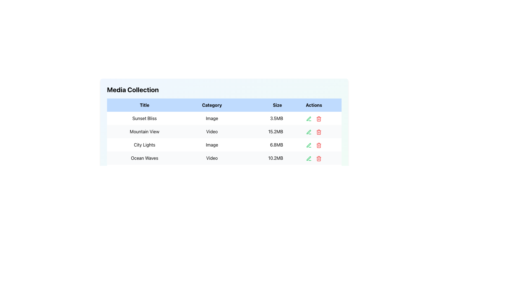 This screenshot has width=531, height=298. Describe the element at coordinates (319, 158) in the screenshot. I see `the trash can icon button located at the far right of the 'Ocean Waves' and 'Video' row in the 'Actions' column` at that location.